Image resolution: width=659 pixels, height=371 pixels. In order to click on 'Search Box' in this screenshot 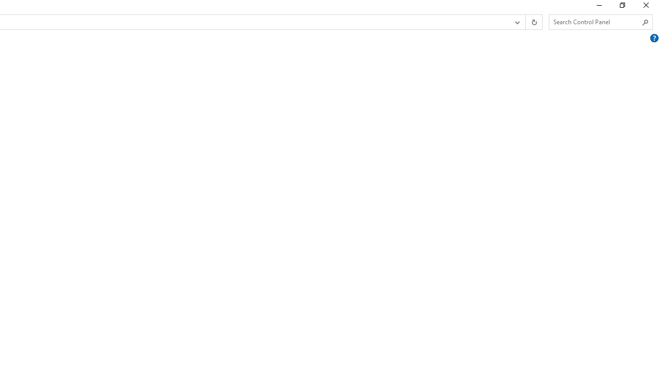, I will do `click(596, 22)`.